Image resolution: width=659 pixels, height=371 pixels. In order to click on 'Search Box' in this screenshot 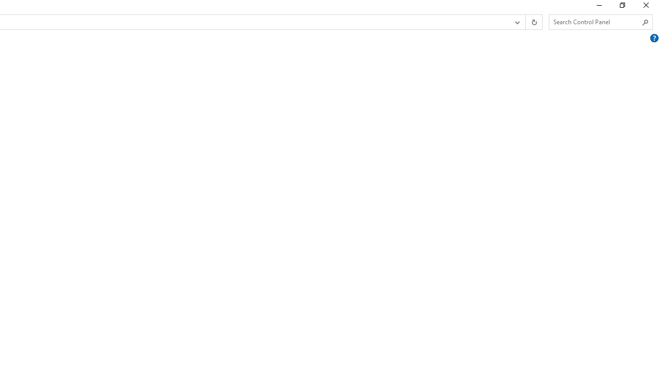, I will do `click(596, 22)`.